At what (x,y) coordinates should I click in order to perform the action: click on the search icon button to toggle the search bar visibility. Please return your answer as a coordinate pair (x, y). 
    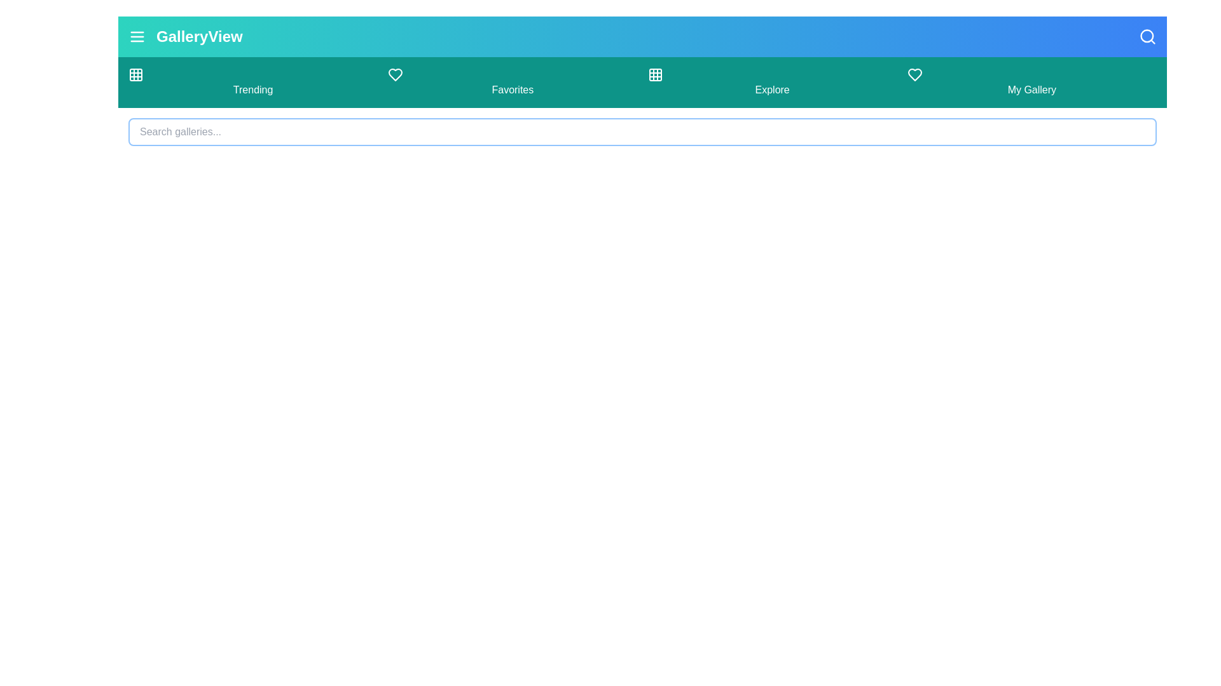
    Looking at the image, I should click on (1147, 36).